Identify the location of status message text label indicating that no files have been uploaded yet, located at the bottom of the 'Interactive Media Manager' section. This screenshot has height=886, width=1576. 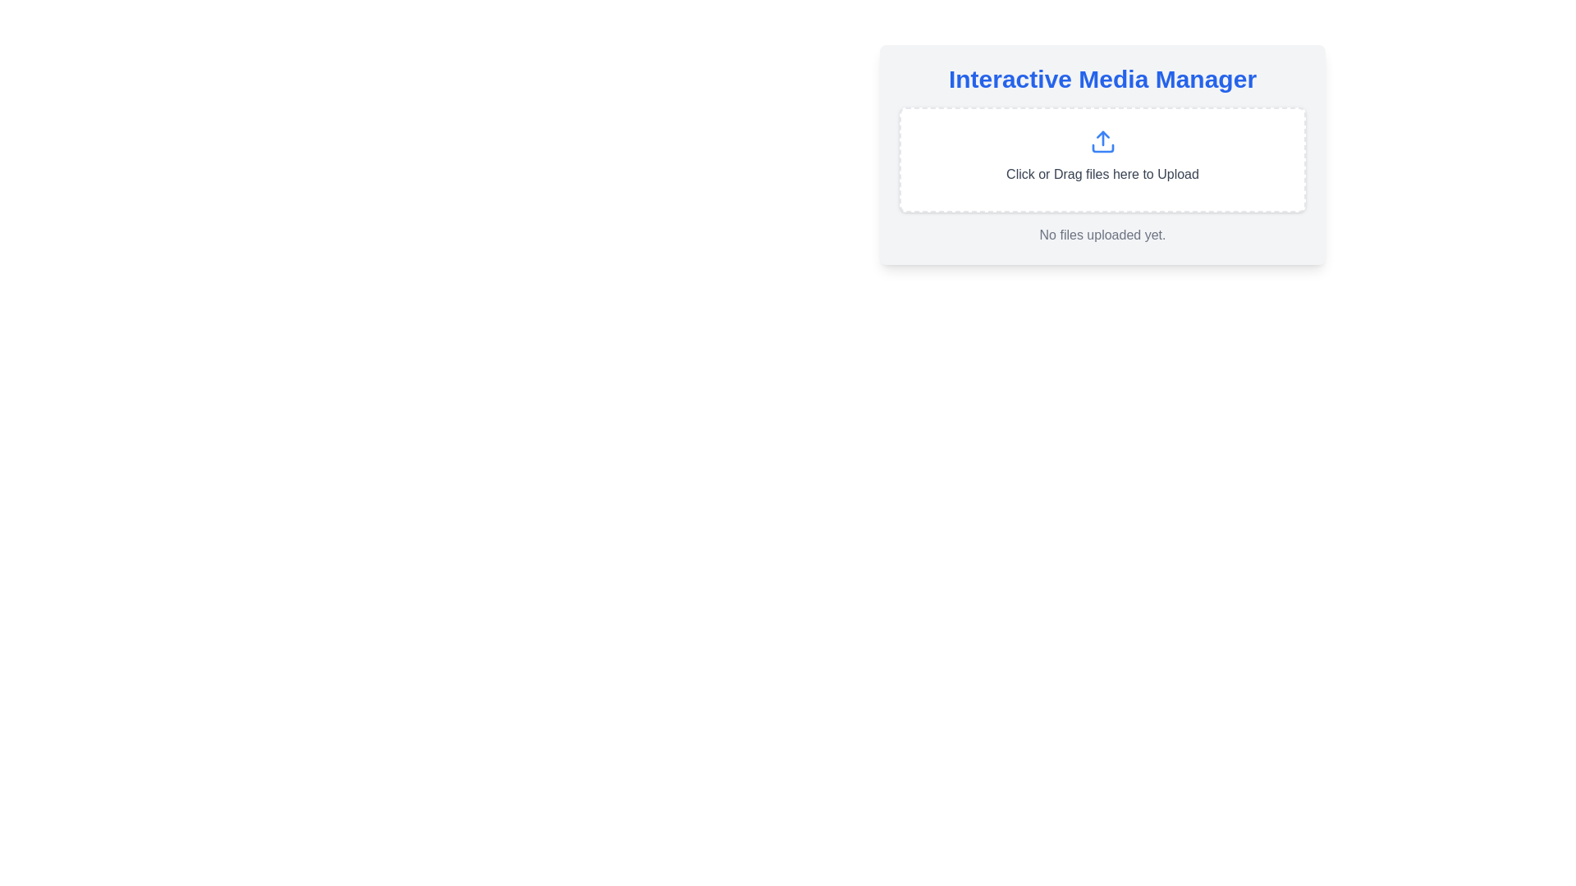
(1102, 235).